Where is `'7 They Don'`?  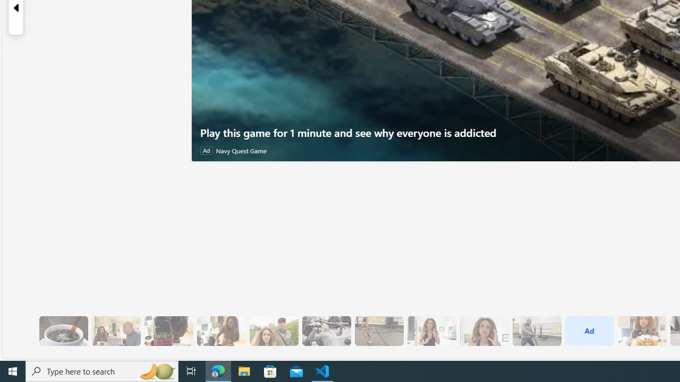 '7 They Don' is located at coordinates (220, 331).